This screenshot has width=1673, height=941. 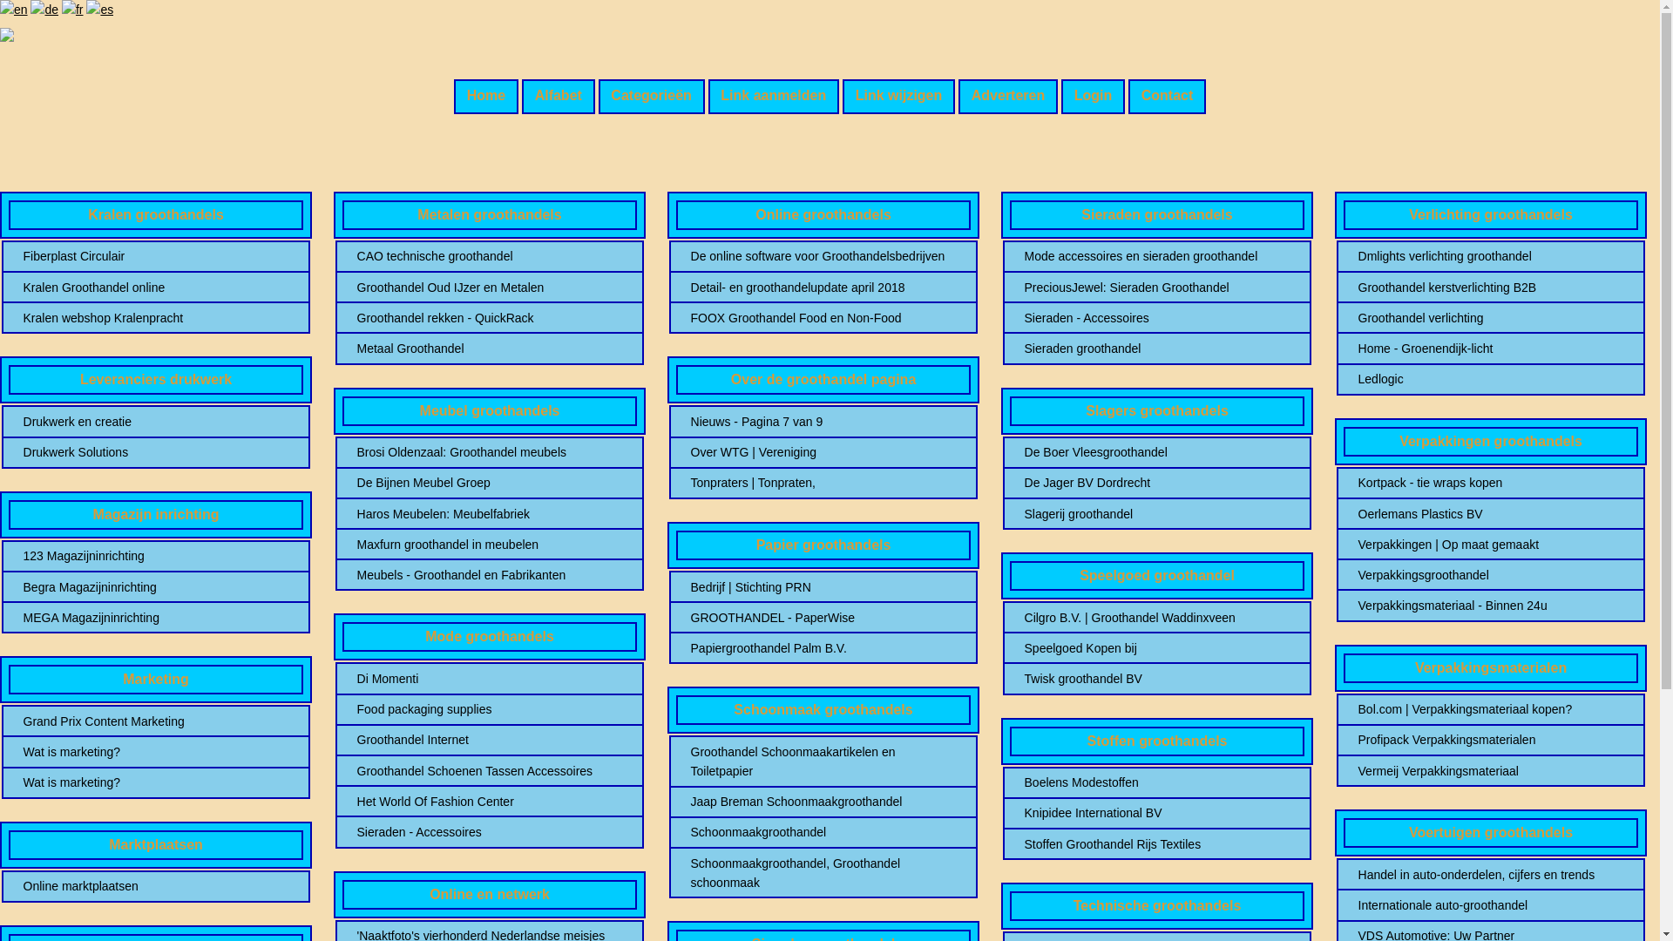 What do you see at coordinates (1490, 349) in the screenshot?
I see `'Home - Groenendijk-licht'` at bounding box center [1490, 349].